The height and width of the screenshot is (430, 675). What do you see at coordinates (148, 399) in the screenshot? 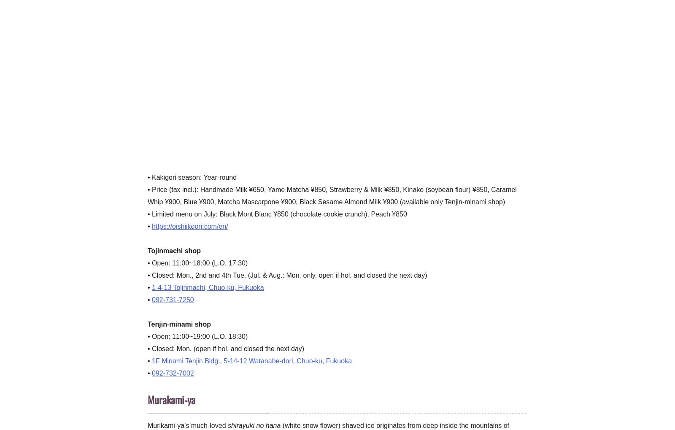
I see `'Murakami-ya'` at bounding box center [148, 399].